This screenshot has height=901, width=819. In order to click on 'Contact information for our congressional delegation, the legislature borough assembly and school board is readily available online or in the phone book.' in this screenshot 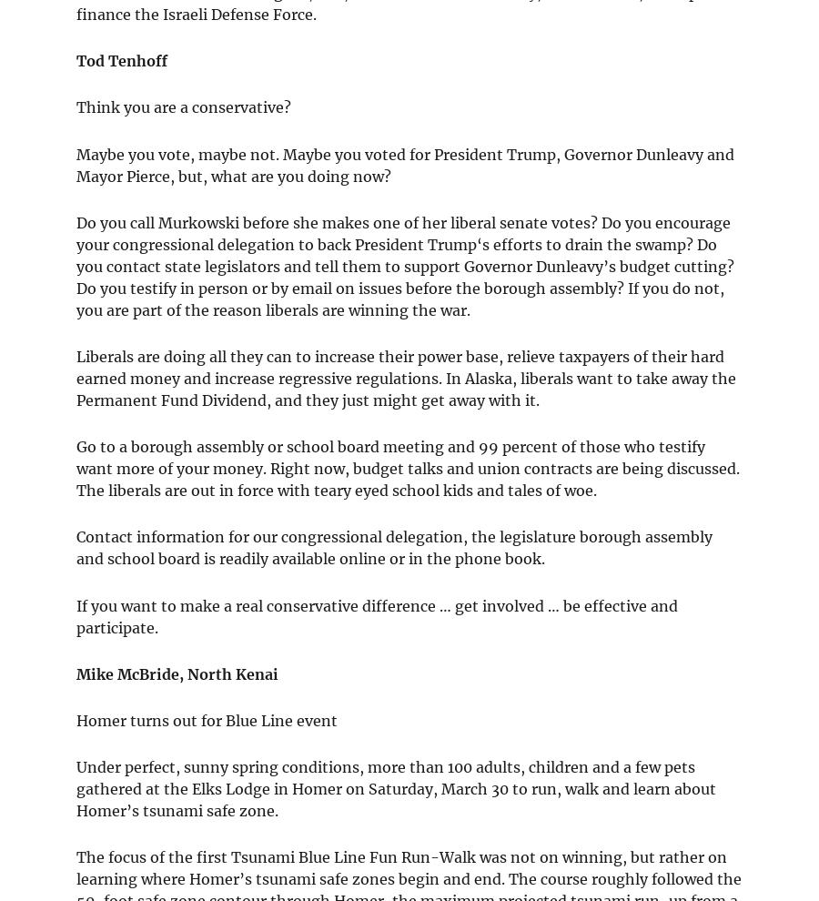, I will do `click(394, 547)`.